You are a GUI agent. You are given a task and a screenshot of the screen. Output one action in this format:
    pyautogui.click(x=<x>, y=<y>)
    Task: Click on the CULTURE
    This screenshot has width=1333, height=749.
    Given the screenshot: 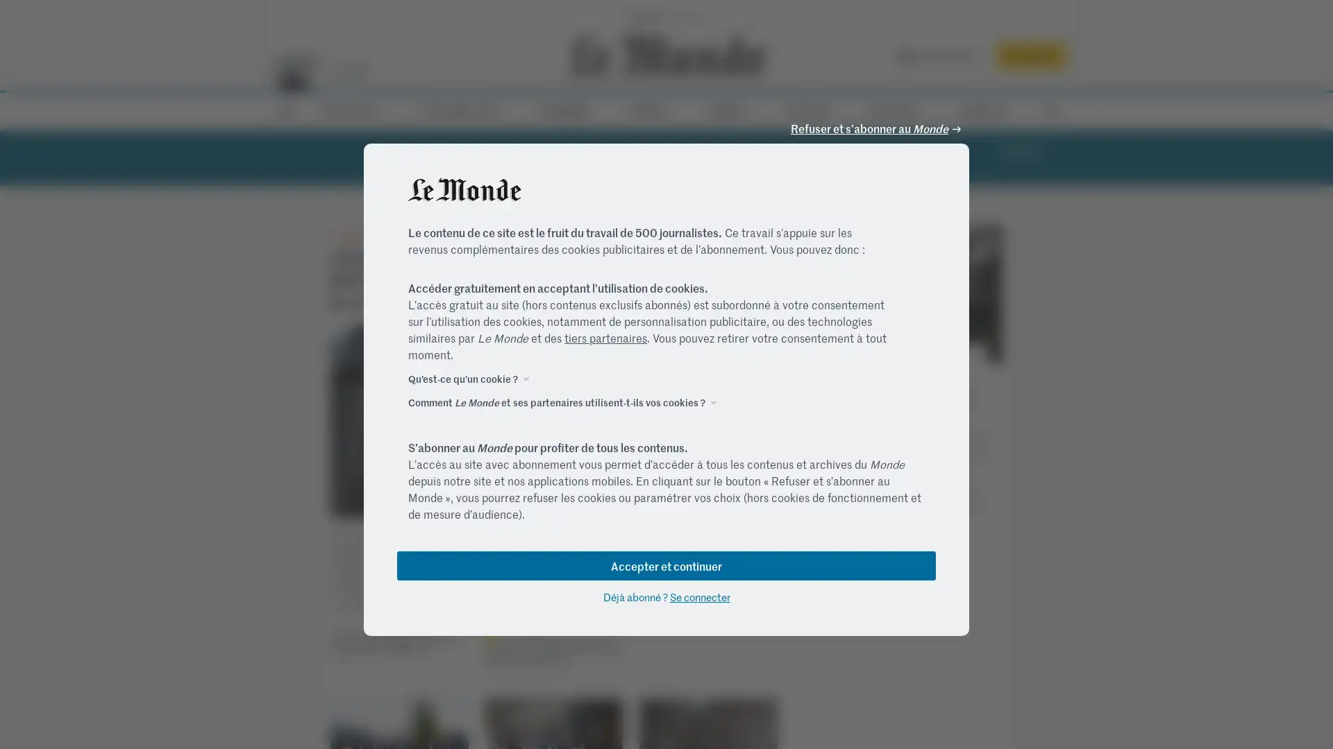 What is the action you would take?
    pyautogui.click(x=813, y=110)
    